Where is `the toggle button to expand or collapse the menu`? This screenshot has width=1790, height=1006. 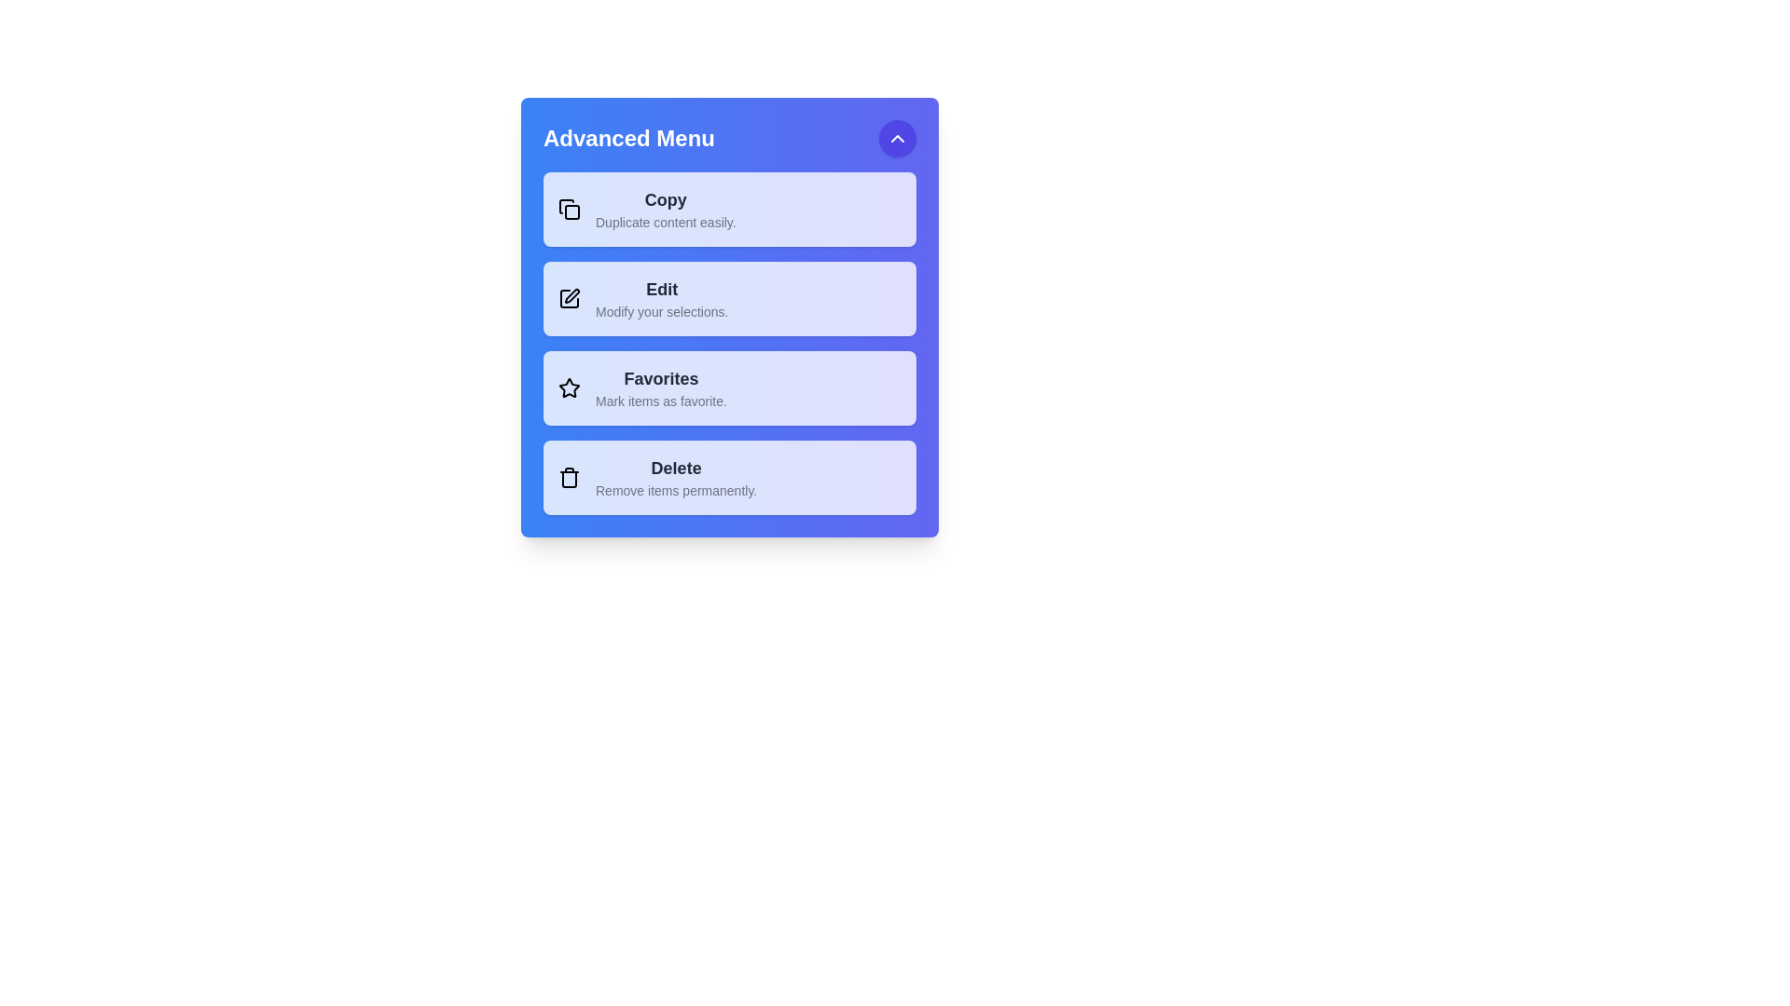 the toggle button to expand or collapse the menu is located at coordinates (898, 138).